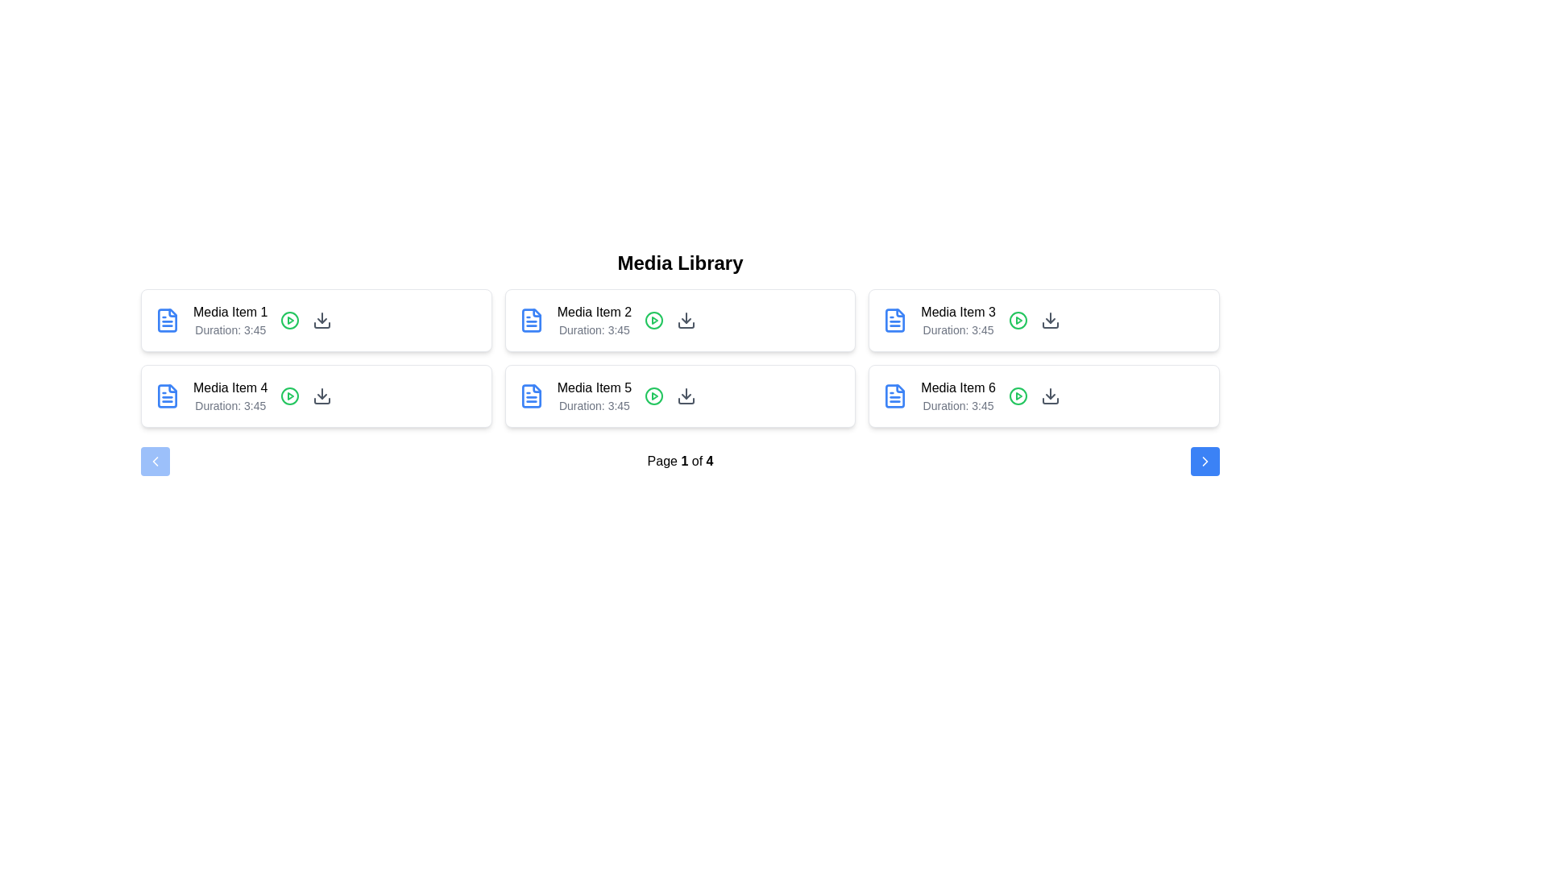 The image size is (1547, 870). Describe the element at coordinates (593, 396) in the screenshot. I see `the text block containing the title 'Media Item 5' and subtitle 'Duration: 3:45' located in the second row and second column of the media item grid` at that location.